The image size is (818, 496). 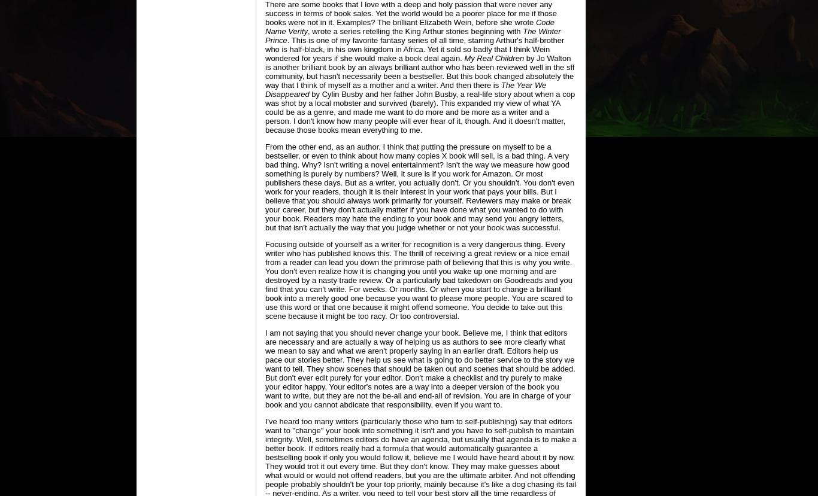 What do you see at coordinates (415, 31) in the screenshot?
I see `', wrote a series retelling the King Arthur stories
beginning with'` at bounding box center [415, 31].